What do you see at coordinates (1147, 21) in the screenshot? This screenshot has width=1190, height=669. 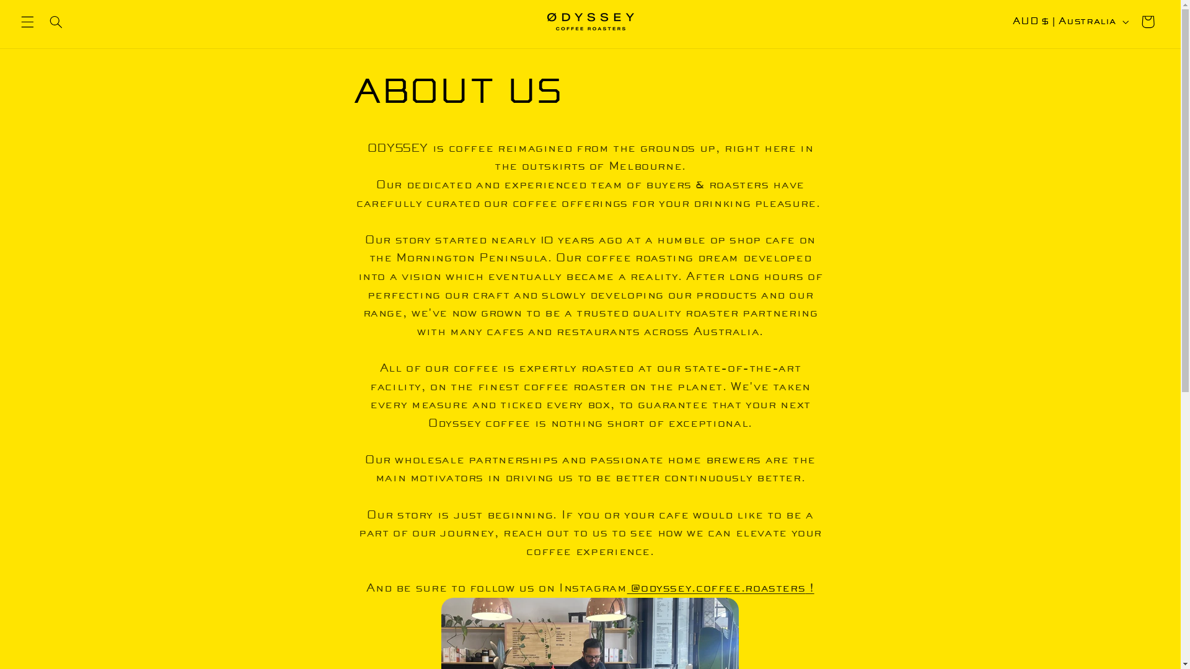 I see `'Cart'` at bounding box center [1147, 21].